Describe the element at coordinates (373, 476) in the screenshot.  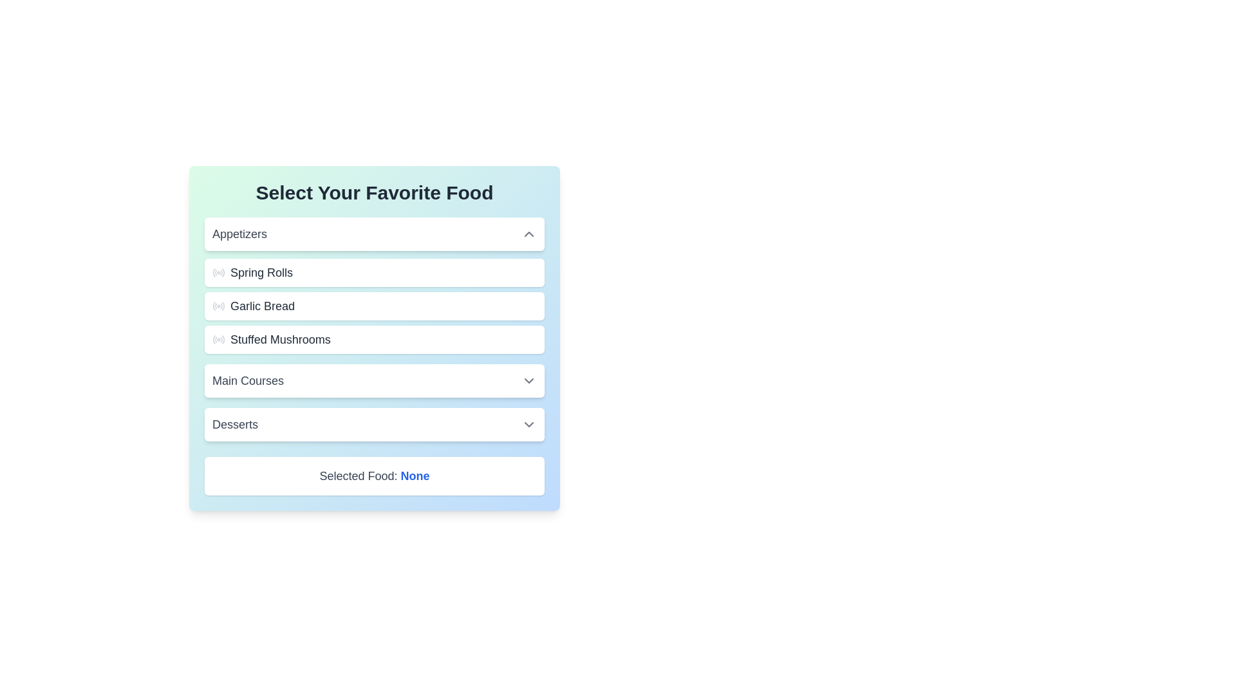
I see `displayed text from the Text display component located at the bottom of the interface beneath the 'Desserts' section` at that location.